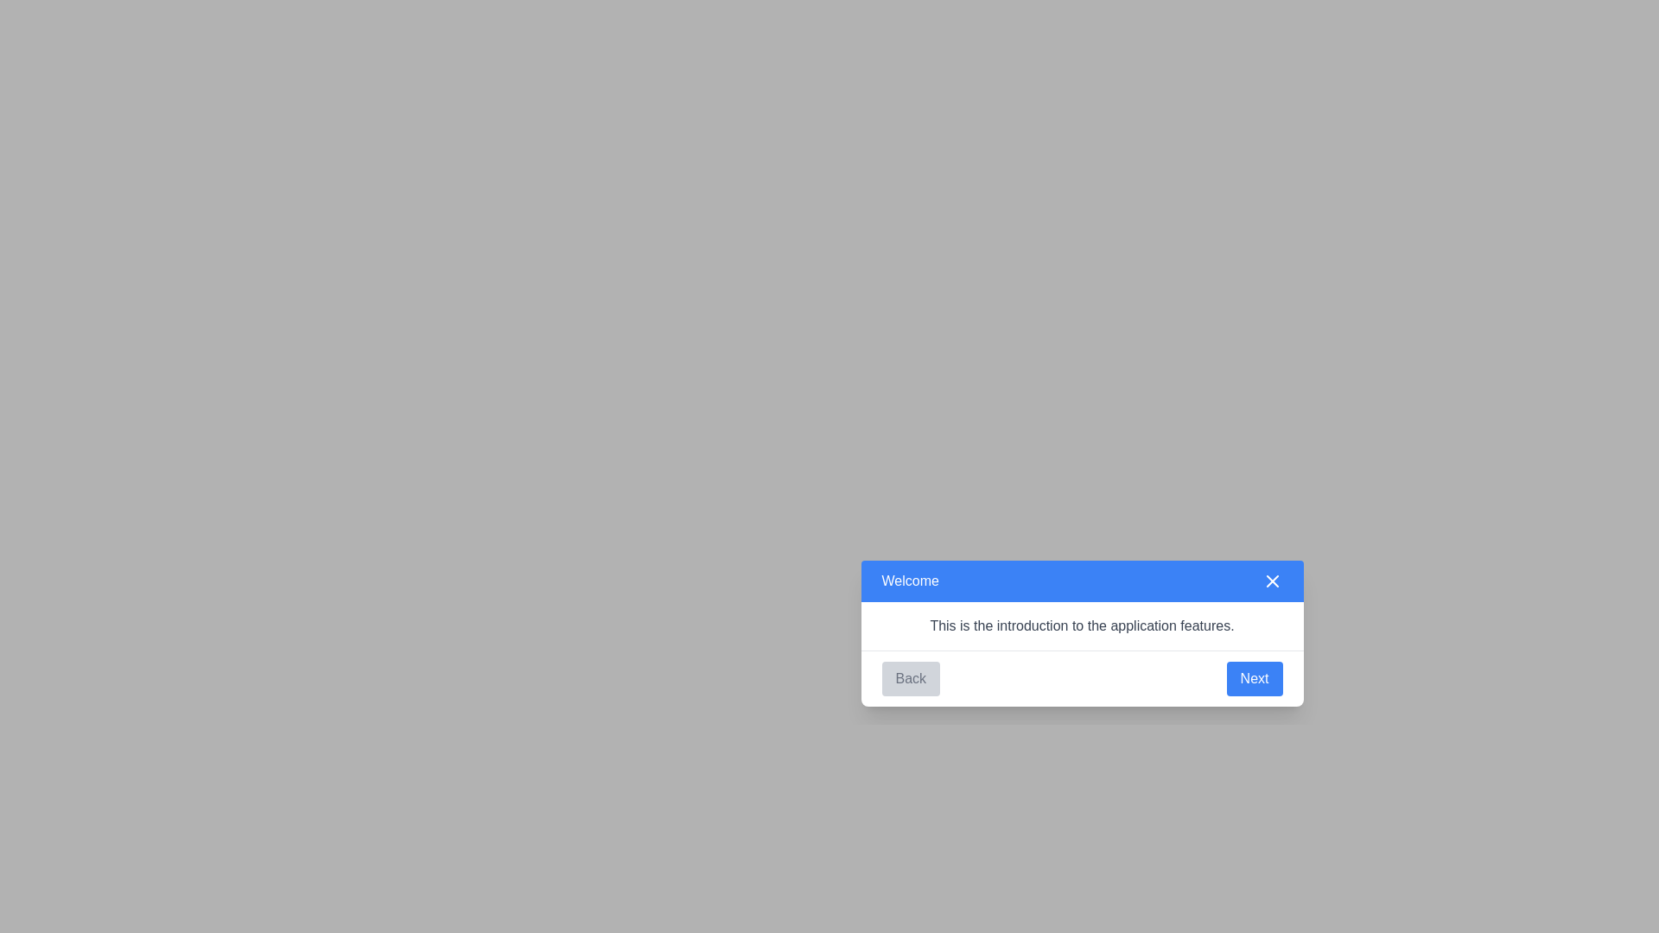 This screenshot has height=933, width=1659. Describe the element at coordinates (1272, 581) in the screenshot. I see `the close icon represented by a diagonal cross in the upper-right corner of the dialog box` at that location.